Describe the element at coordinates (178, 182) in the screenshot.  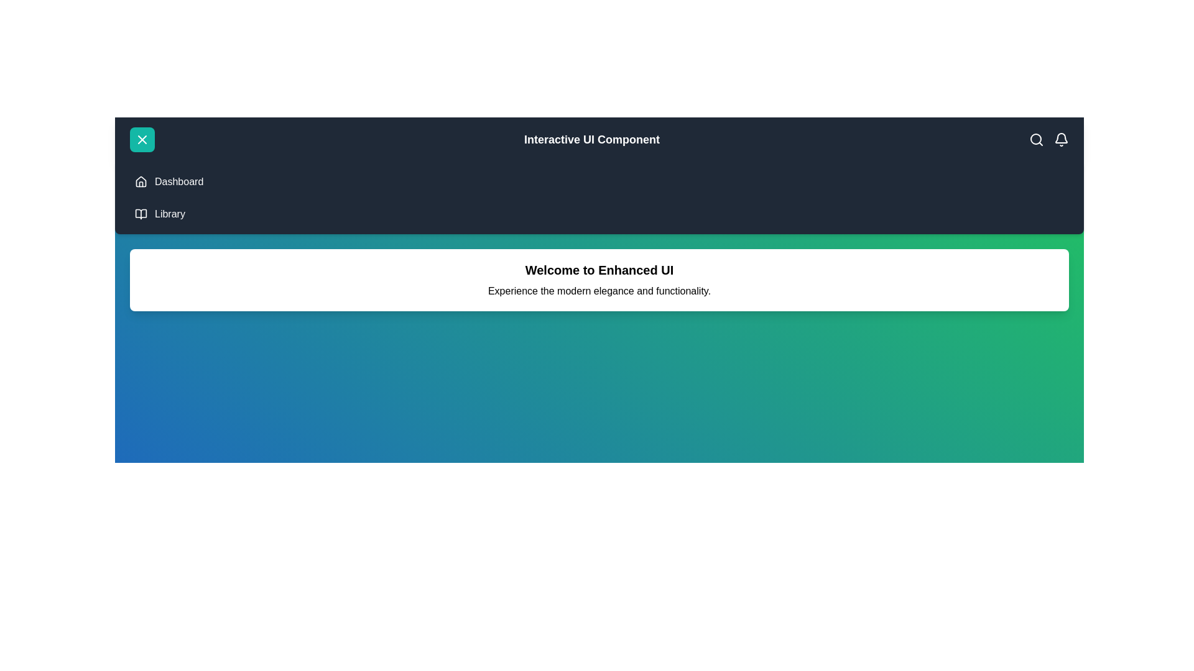
I see `the 'Dashboard' menu item to navigate to the Dashboard section` at that location.